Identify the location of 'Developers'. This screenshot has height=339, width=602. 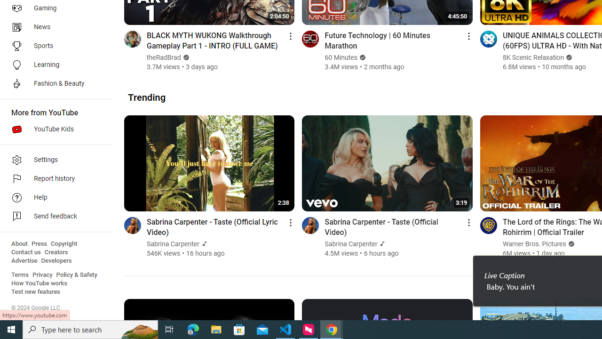
(56, 261).